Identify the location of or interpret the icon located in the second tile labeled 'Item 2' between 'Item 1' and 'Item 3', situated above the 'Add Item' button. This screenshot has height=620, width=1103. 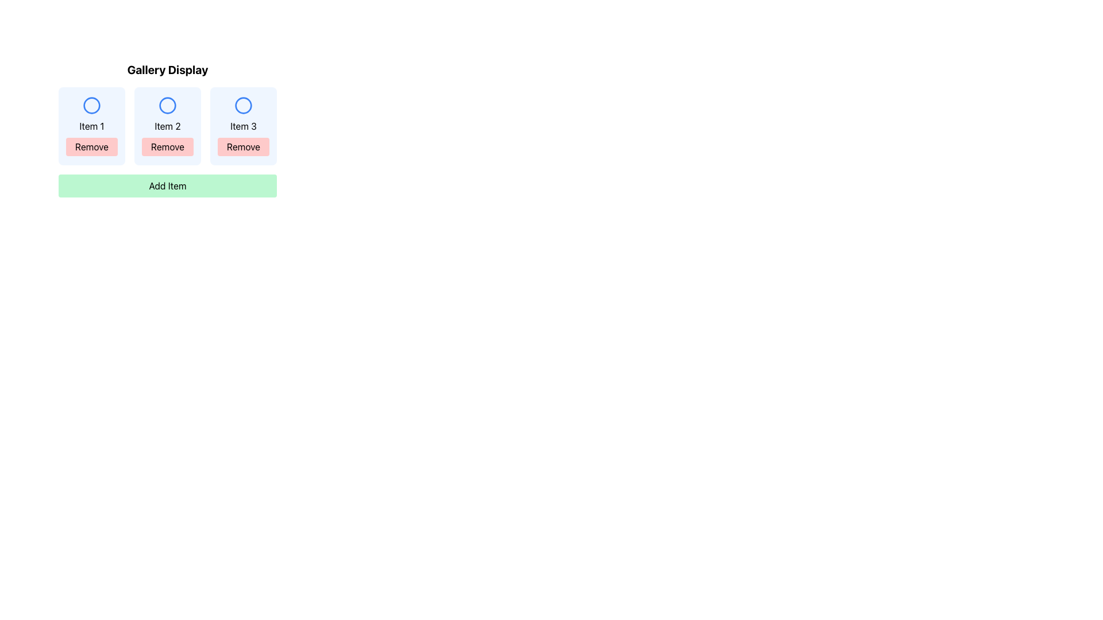
(167, 106).